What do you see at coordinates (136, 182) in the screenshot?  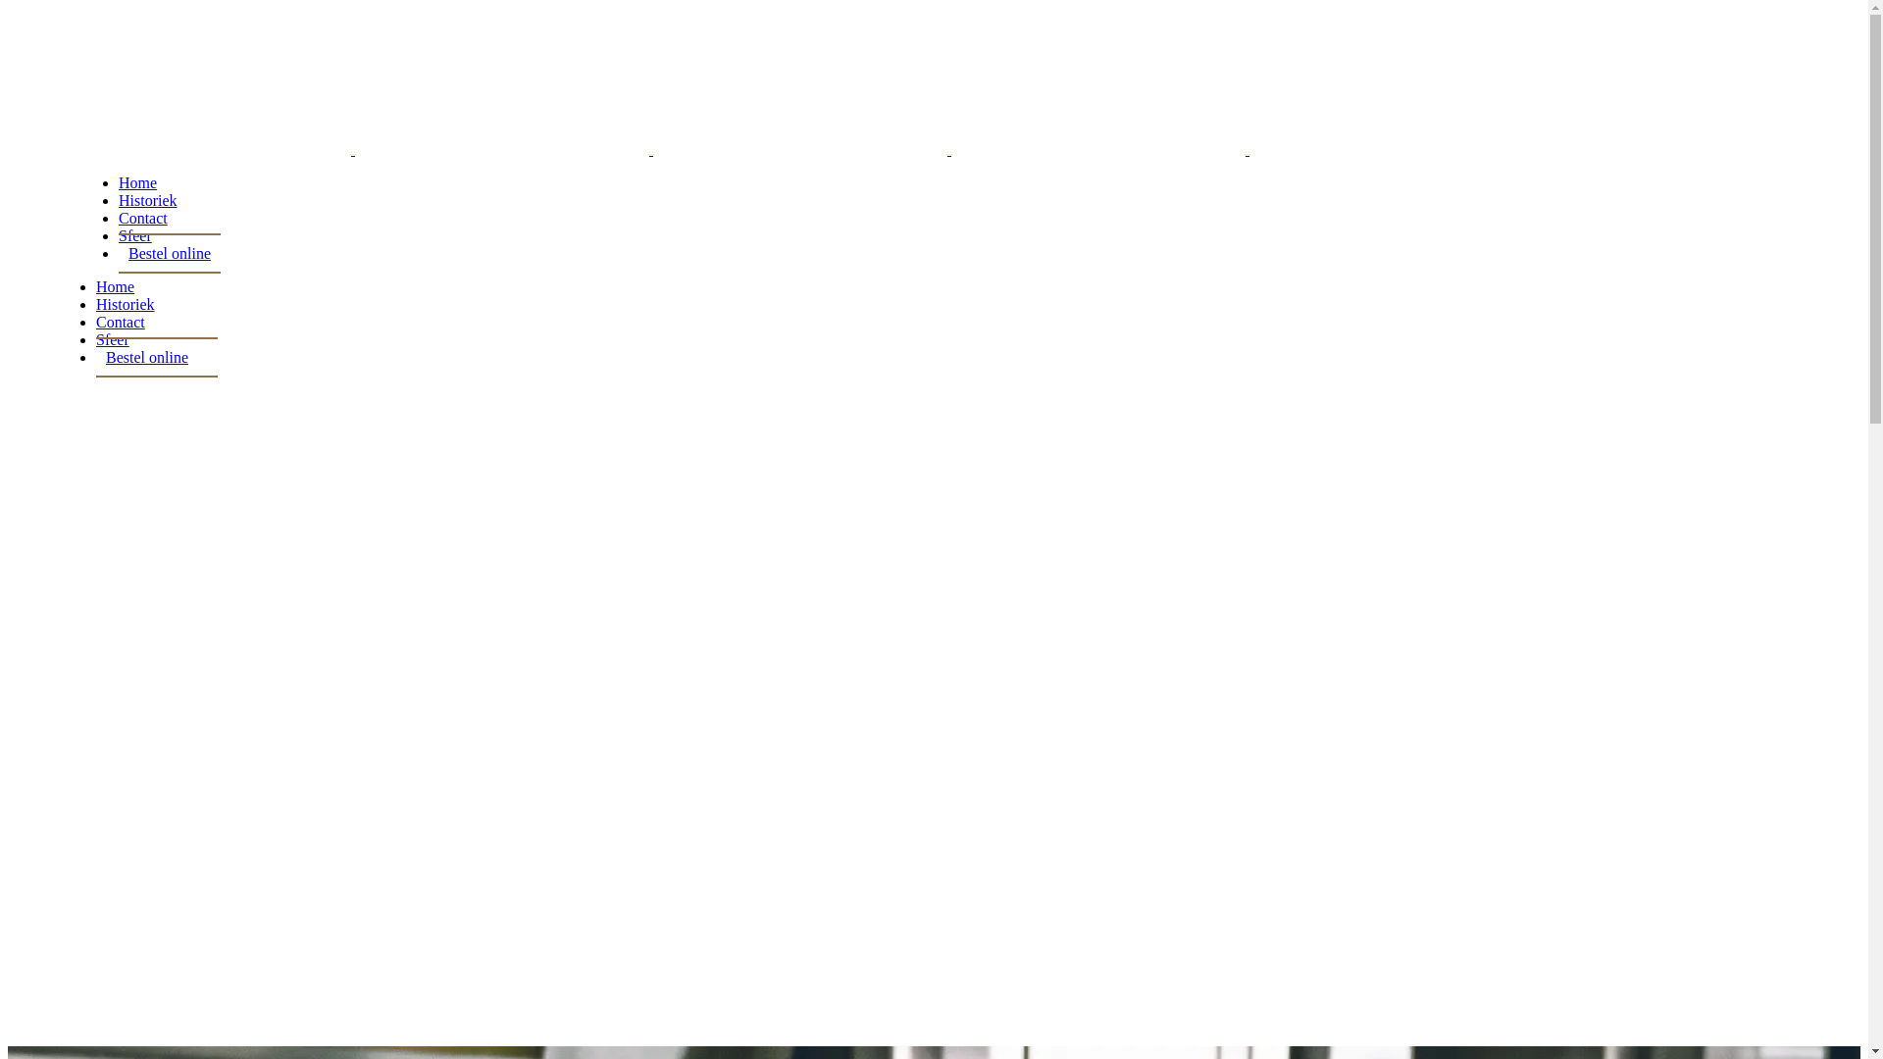 I see `'Home'` at bounding box center [136, 182].